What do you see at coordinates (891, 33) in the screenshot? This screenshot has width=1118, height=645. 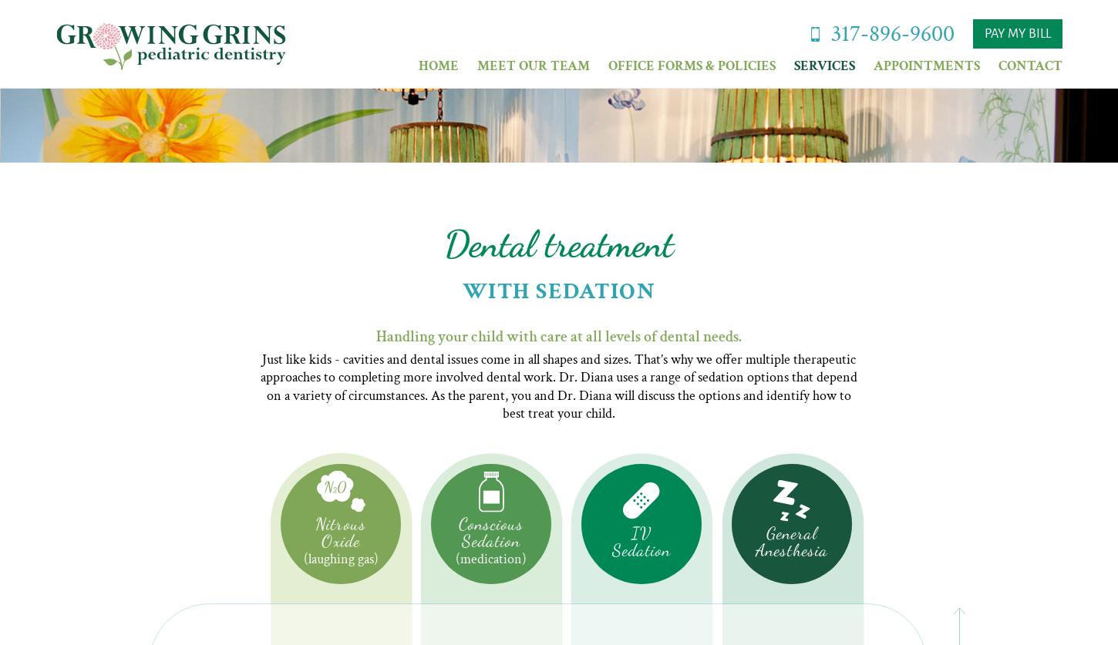 I see `'317-896-9600'` at bounding box center [891, 33].